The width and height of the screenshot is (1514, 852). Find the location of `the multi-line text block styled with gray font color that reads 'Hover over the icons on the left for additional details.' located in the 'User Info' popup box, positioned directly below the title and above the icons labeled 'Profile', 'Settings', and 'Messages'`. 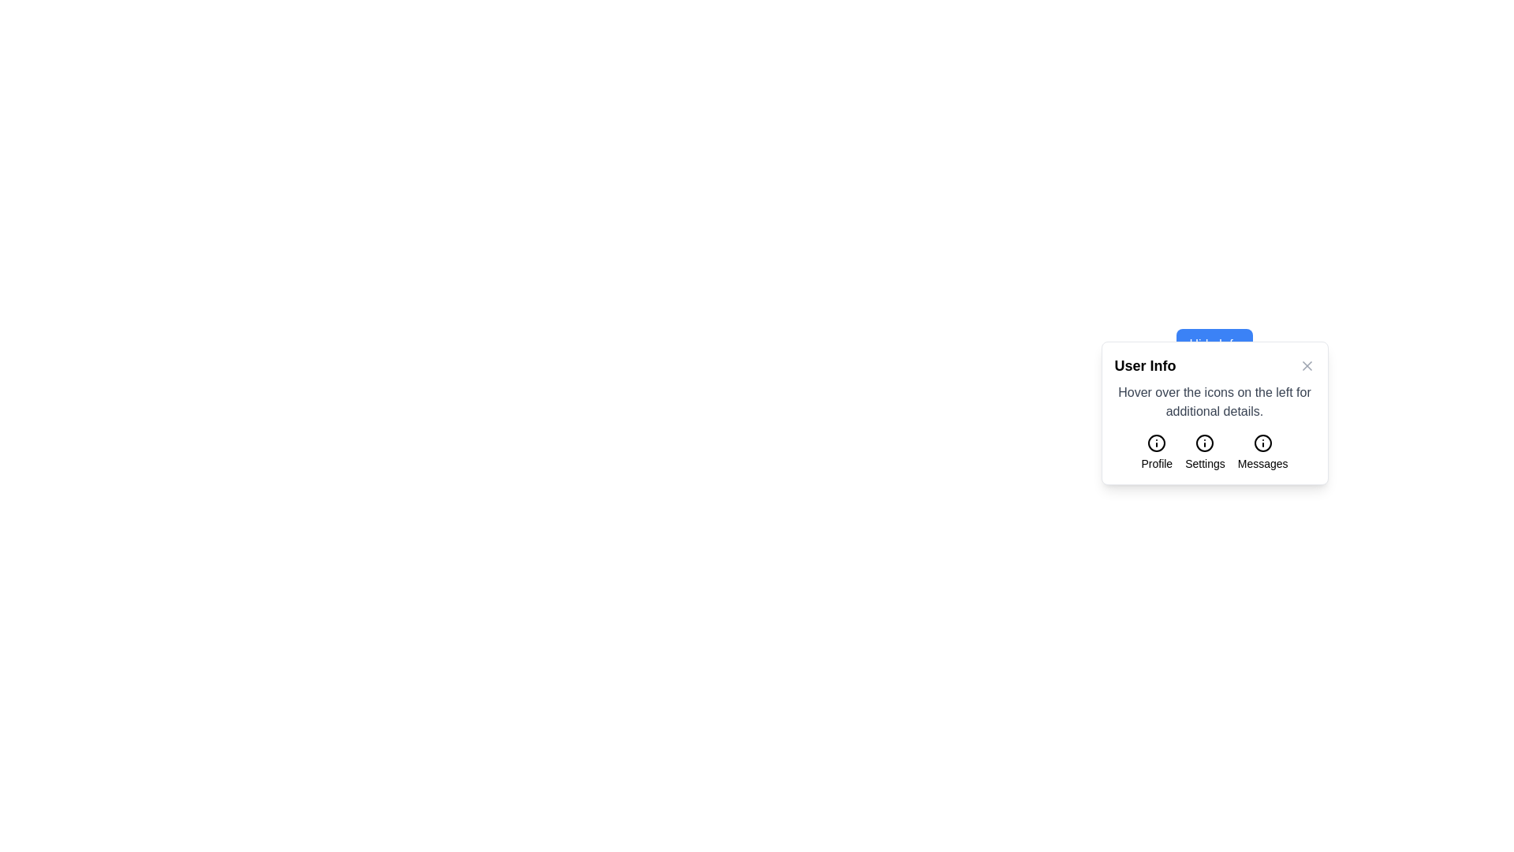

the multi-line text block styled with gray font color that reads 'Hover over the icons on the left for additional details.' located in the 'User Info' popup box, positioned directly below the title and above the icons labeled 'Profile', 'Settings', and 'Messages' is located at coordinates (1214, 401).